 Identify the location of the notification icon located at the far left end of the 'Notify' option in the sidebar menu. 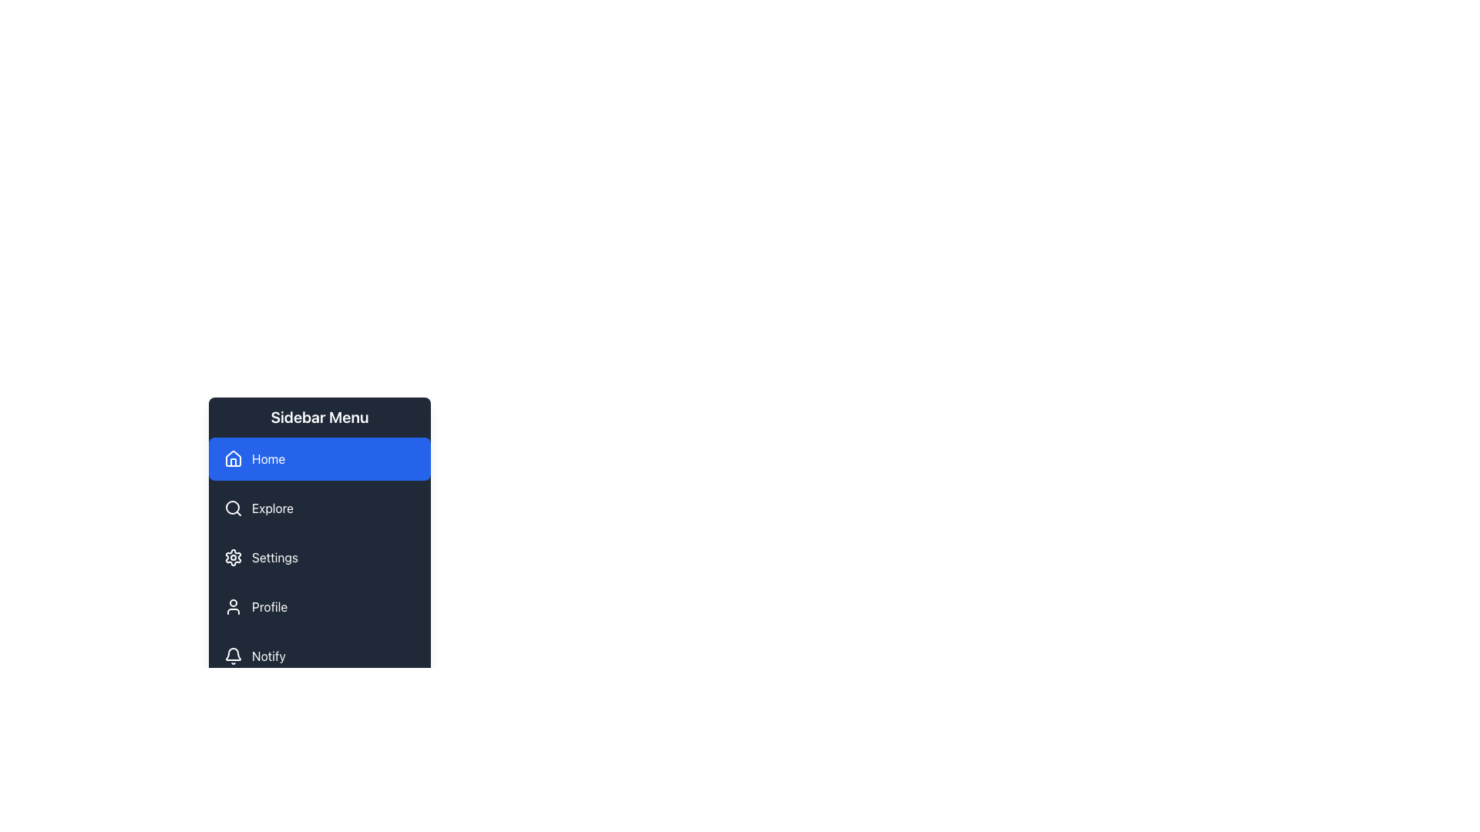
(232, 656).